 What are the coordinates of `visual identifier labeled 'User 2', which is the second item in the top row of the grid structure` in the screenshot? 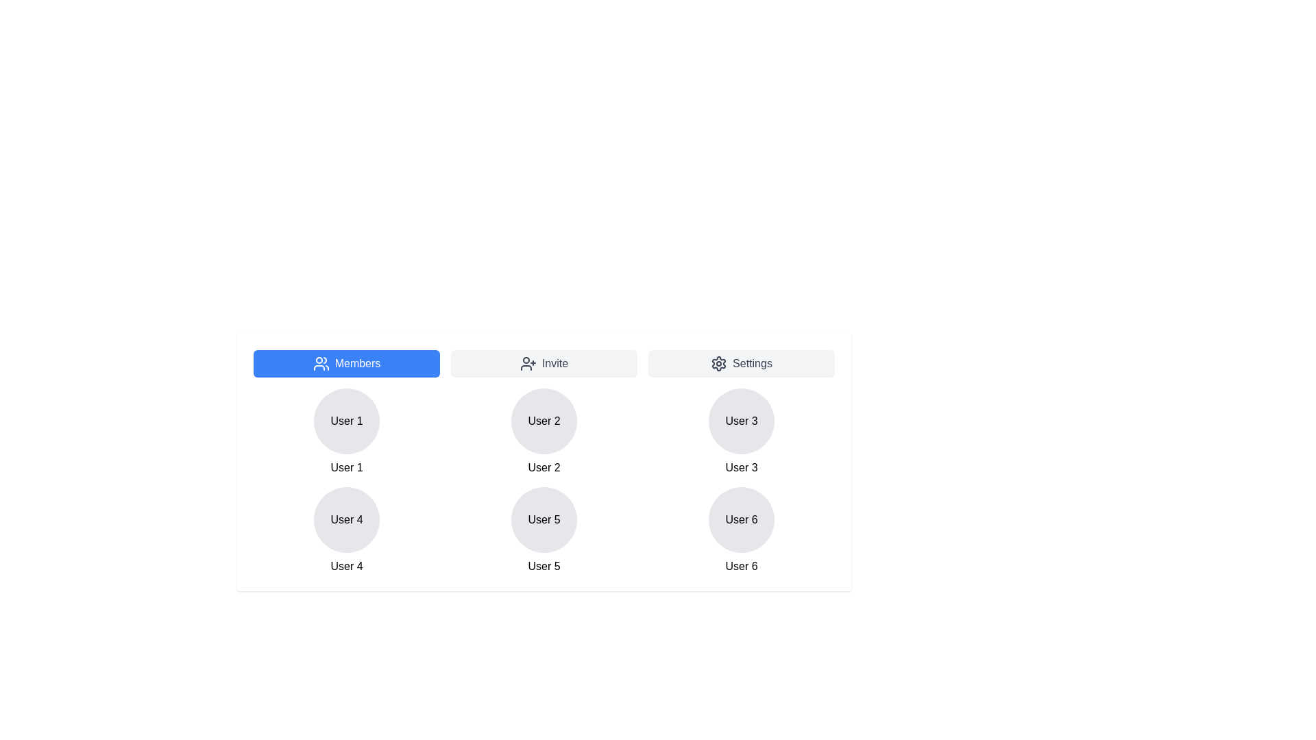 It's located at (543, 432).